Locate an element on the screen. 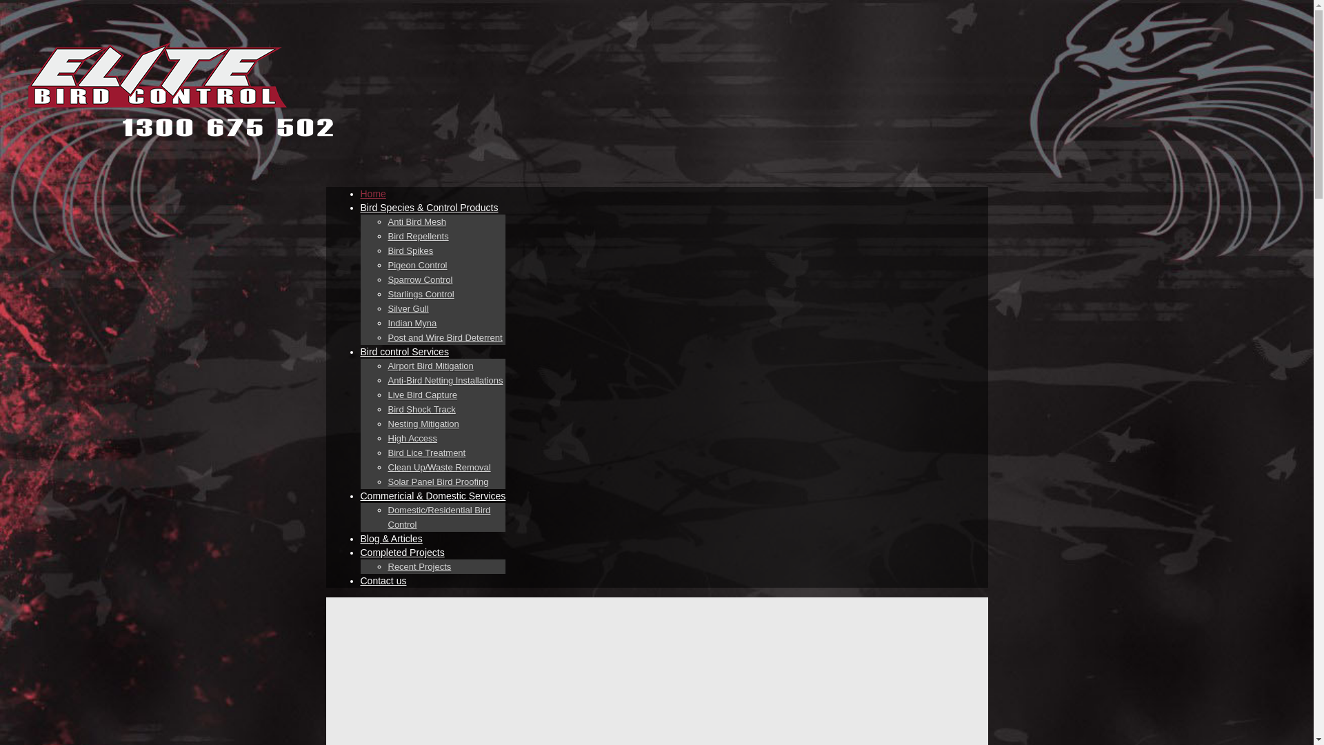 The image size is (1324, 745). 'Anti Bird Mesh' is located at coordinates (416, 221).